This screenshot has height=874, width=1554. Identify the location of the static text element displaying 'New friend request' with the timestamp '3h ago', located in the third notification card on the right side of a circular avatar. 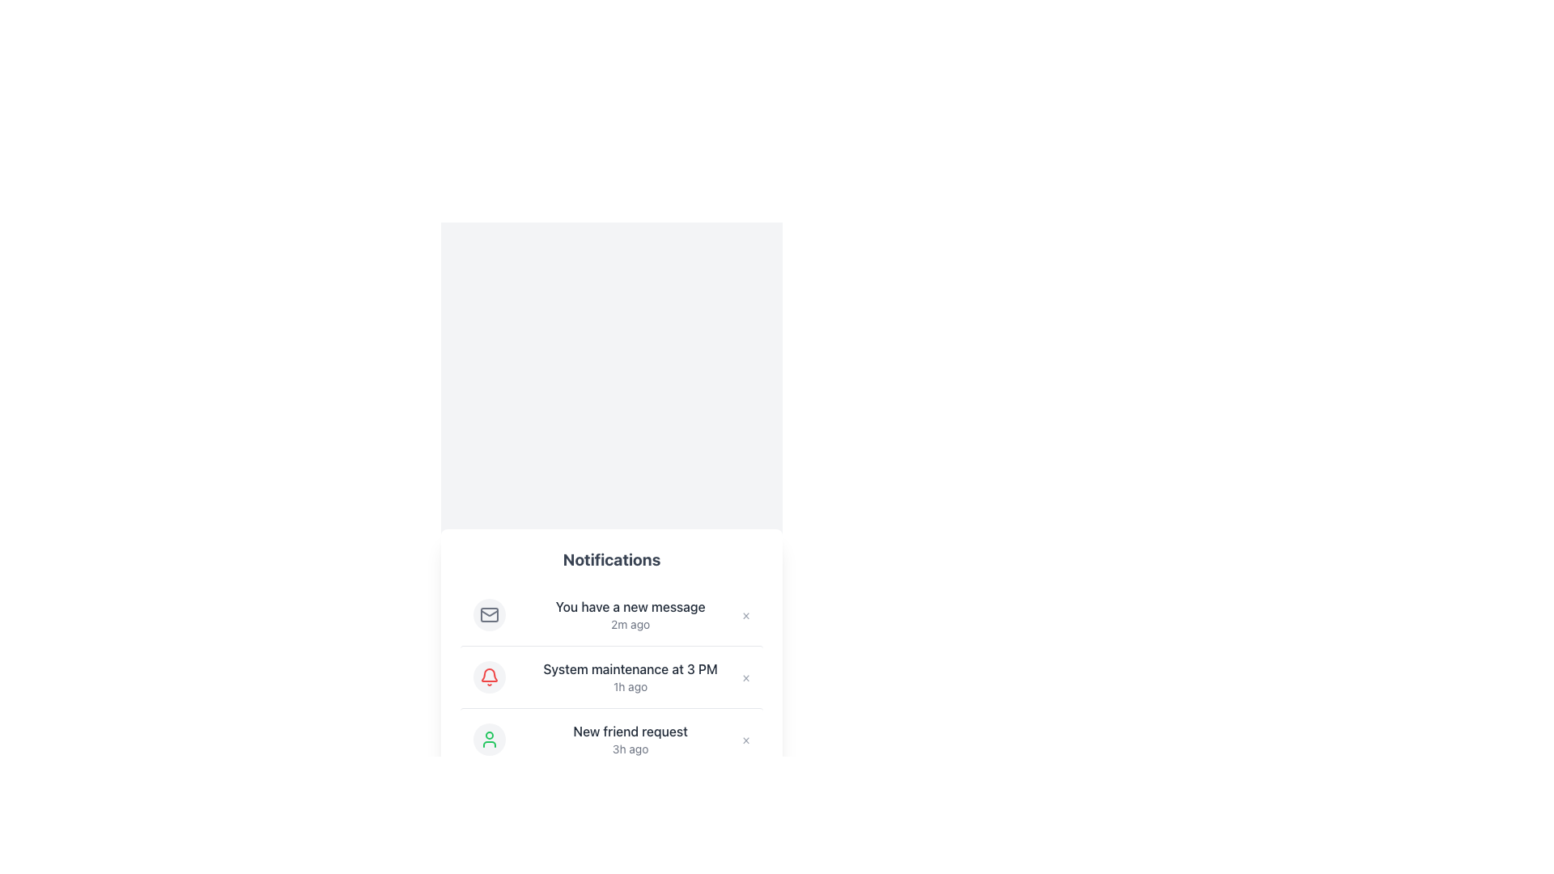
(630, 740).